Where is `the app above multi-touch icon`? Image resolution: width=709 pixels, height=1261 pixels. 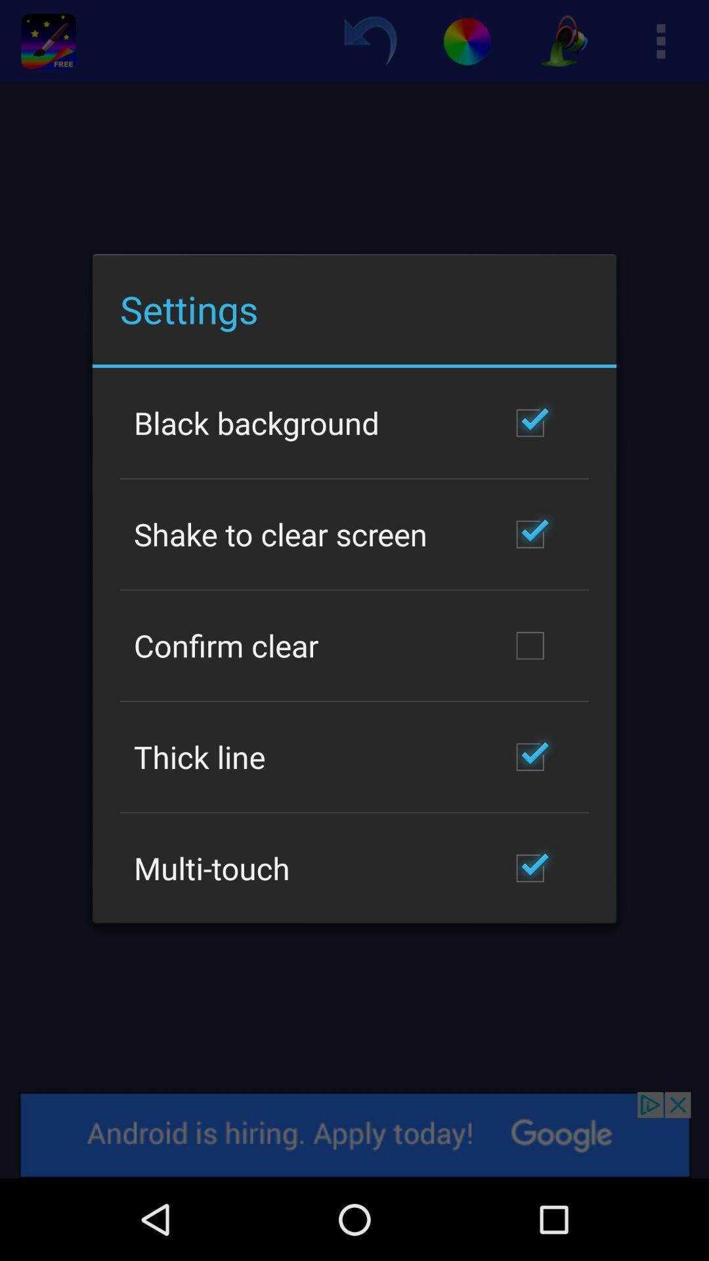
the app above multi-touch icon is located at coordinates (200, 757).